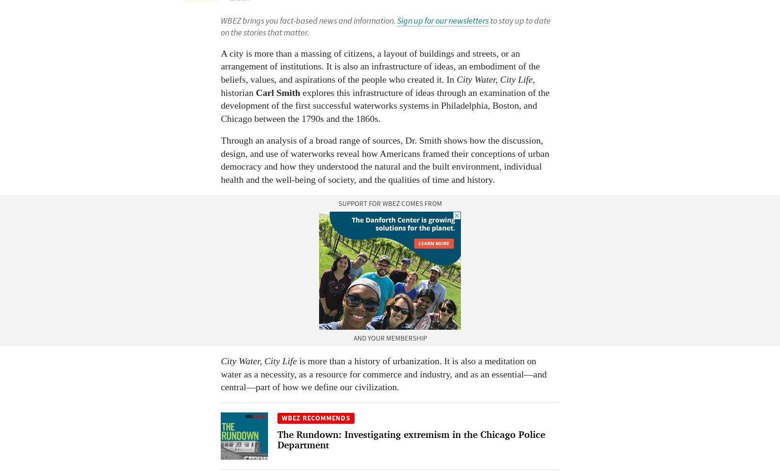 The height and width of the screenshot is (471, 780). What do you see at coordinates (315, 417) in the screenshot?
I see `'WBEZ RECOMMENDS'` at bounding box center [315, 417].